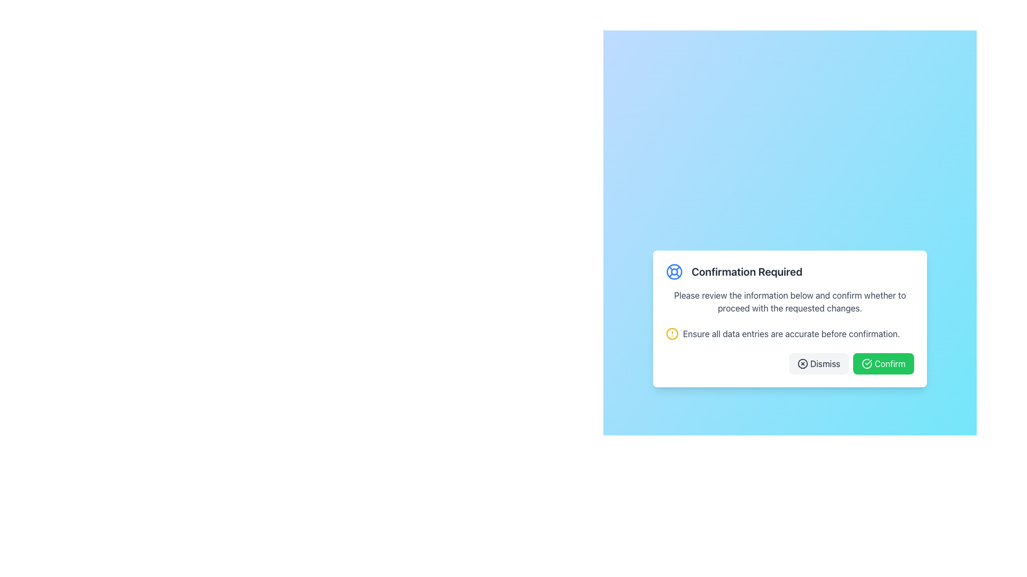  Describe the element at coordinates (790, 271) in the screenshot. I see `text content of the header labeled 'Confirmation Required', which features a dark blue font on a white background with a blue life buoy icon to its left` at that location.